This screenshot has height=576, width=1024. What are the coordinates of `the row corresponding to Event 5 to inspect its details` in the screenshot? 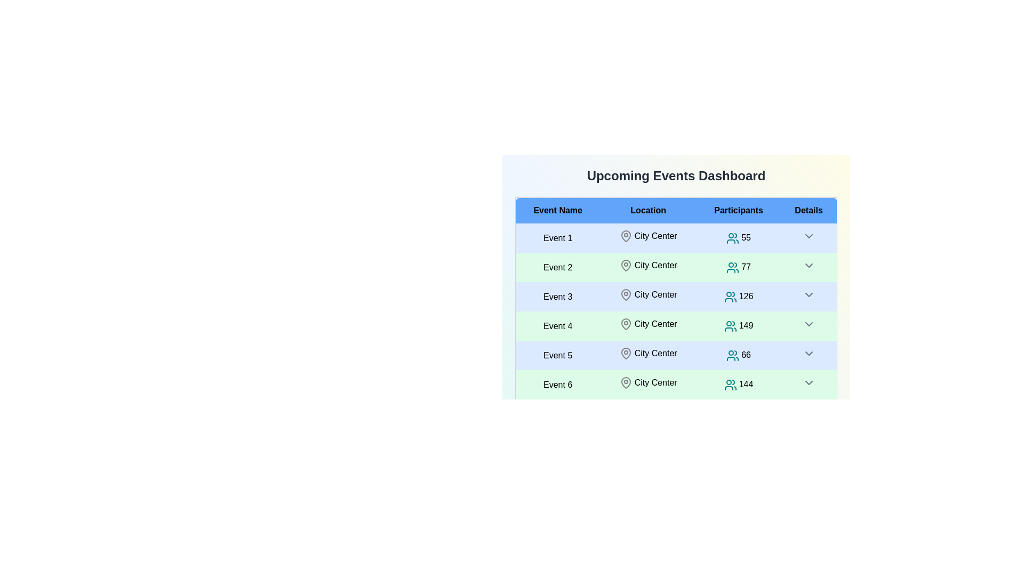 It's located at (557, 355).